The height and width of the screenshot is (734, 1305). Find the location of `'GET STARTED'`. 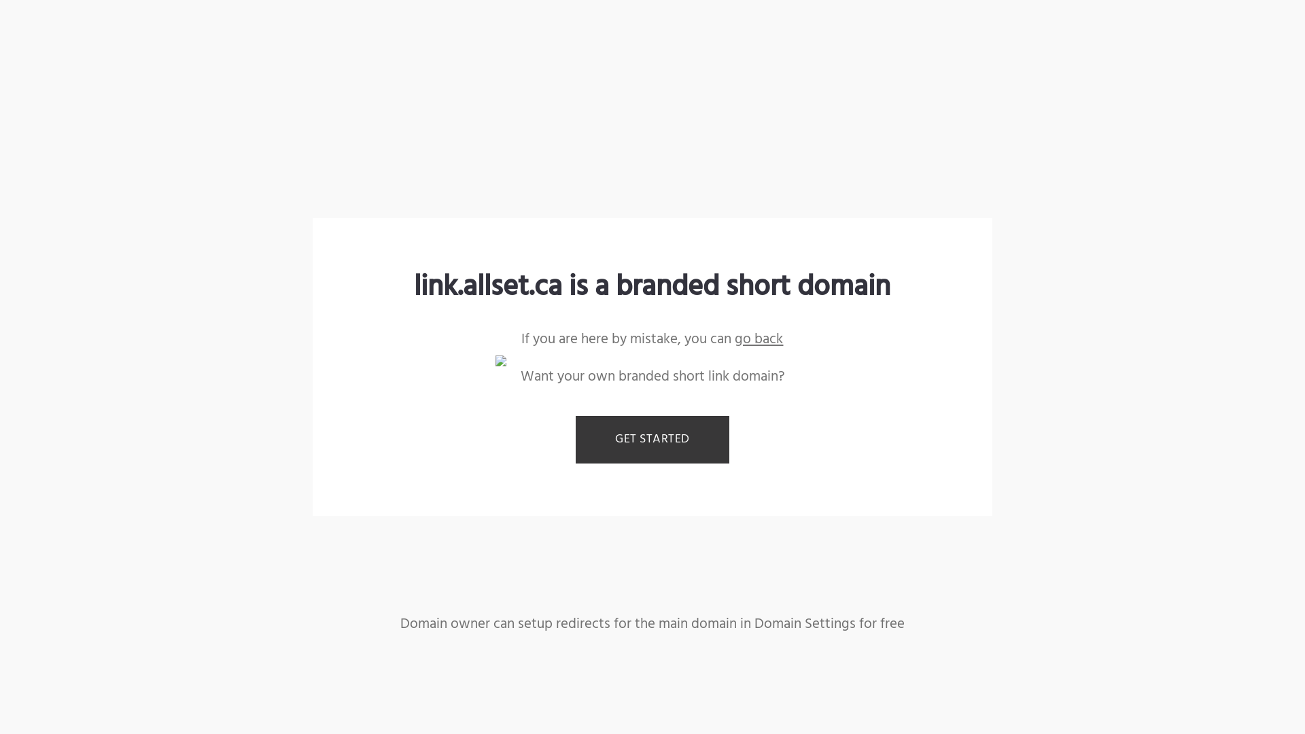

'GET STARTED' is located at coordinates (651, 440).